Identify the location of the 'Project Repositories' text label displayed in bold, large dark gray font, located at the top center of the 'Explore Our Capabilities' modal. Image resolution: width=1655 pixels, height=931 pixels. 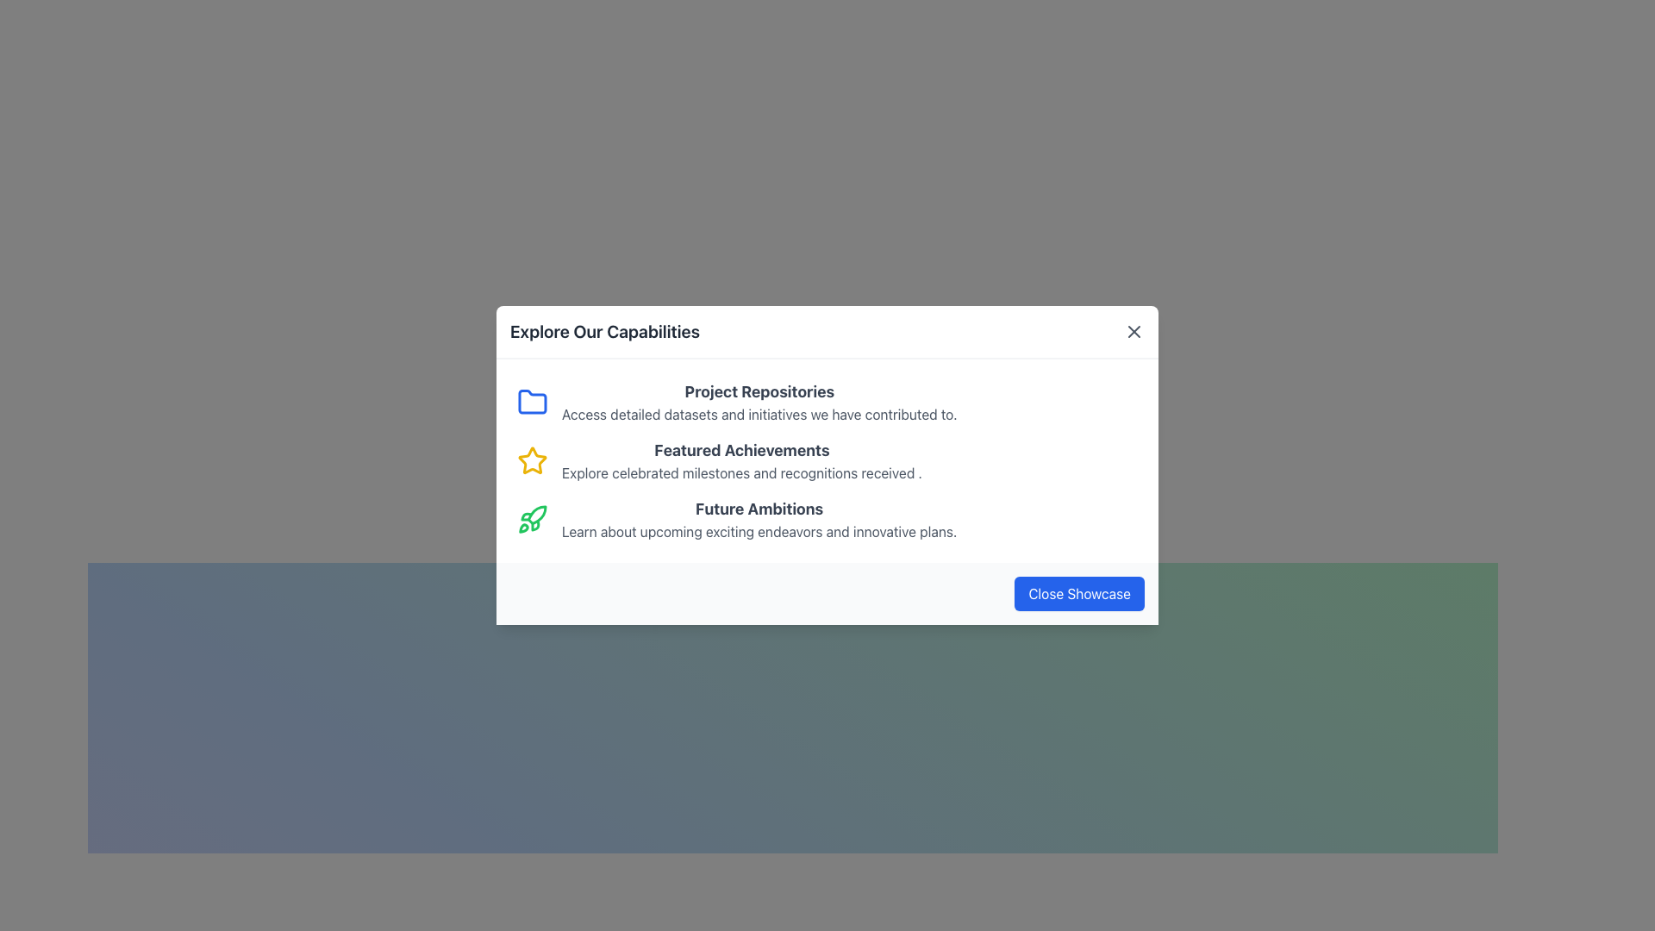
(759, 392).